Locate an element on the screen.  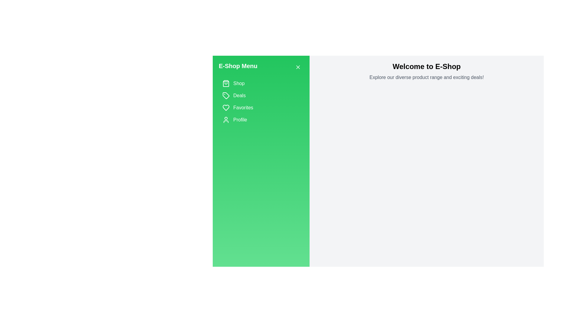
the close button to hide the drawer is located at coordinates (298, 67).